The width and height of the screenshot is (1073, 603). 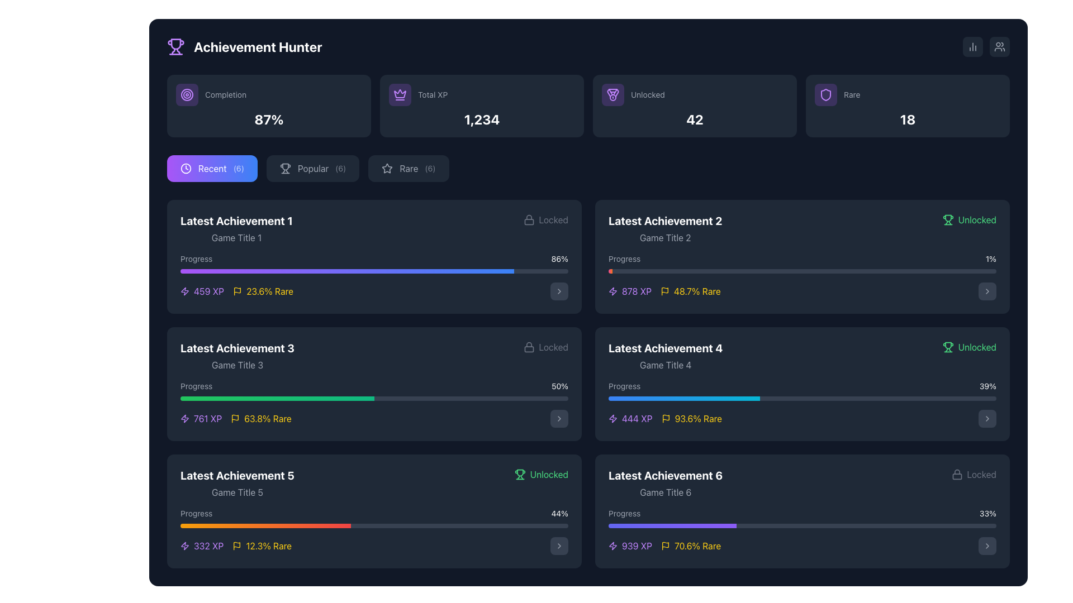 What do you see at coordinates (267, 418) in the screenshot?
I see `the text display showing '63.8% Rare' in bold yellow font, located in the third achievement card labeled 'Latest Achievement 3', positioned below the progress bar` at bounding box center [267, 418].